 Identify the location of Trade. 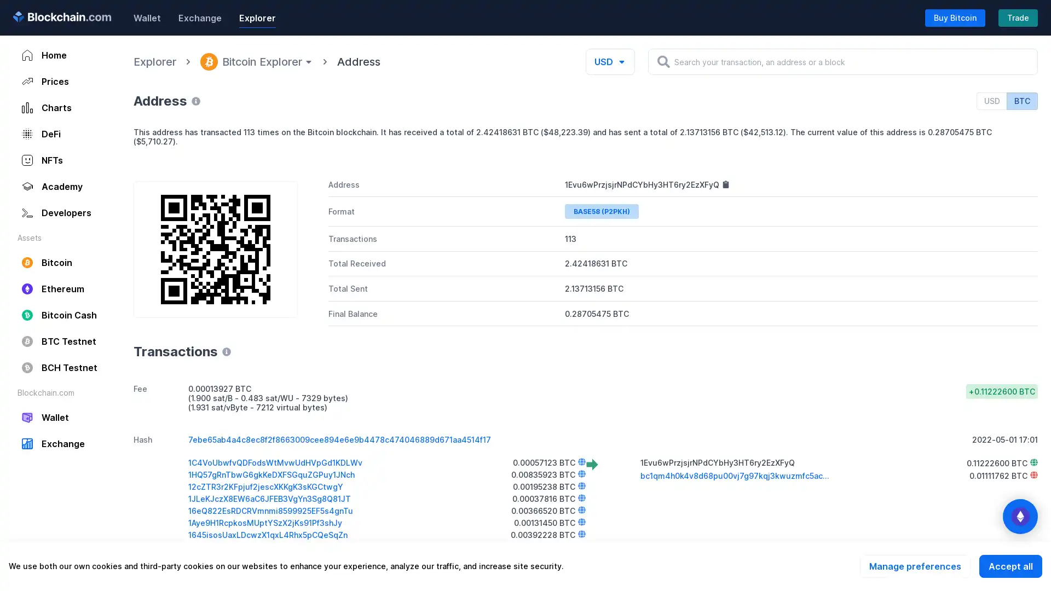
(1018, 17).